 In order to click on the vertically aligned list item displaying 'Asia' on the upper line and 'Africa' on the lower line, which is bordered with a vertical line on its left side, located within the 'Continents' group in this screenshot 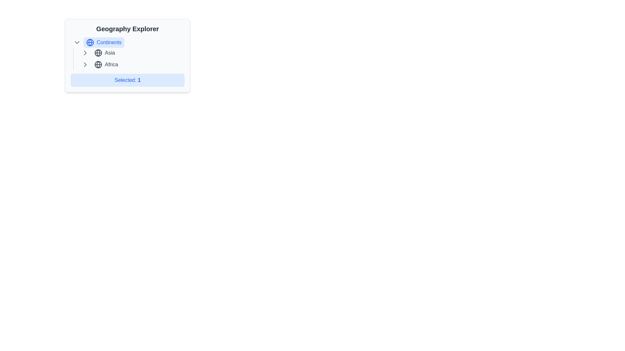, I will do `click(129, 59)`.